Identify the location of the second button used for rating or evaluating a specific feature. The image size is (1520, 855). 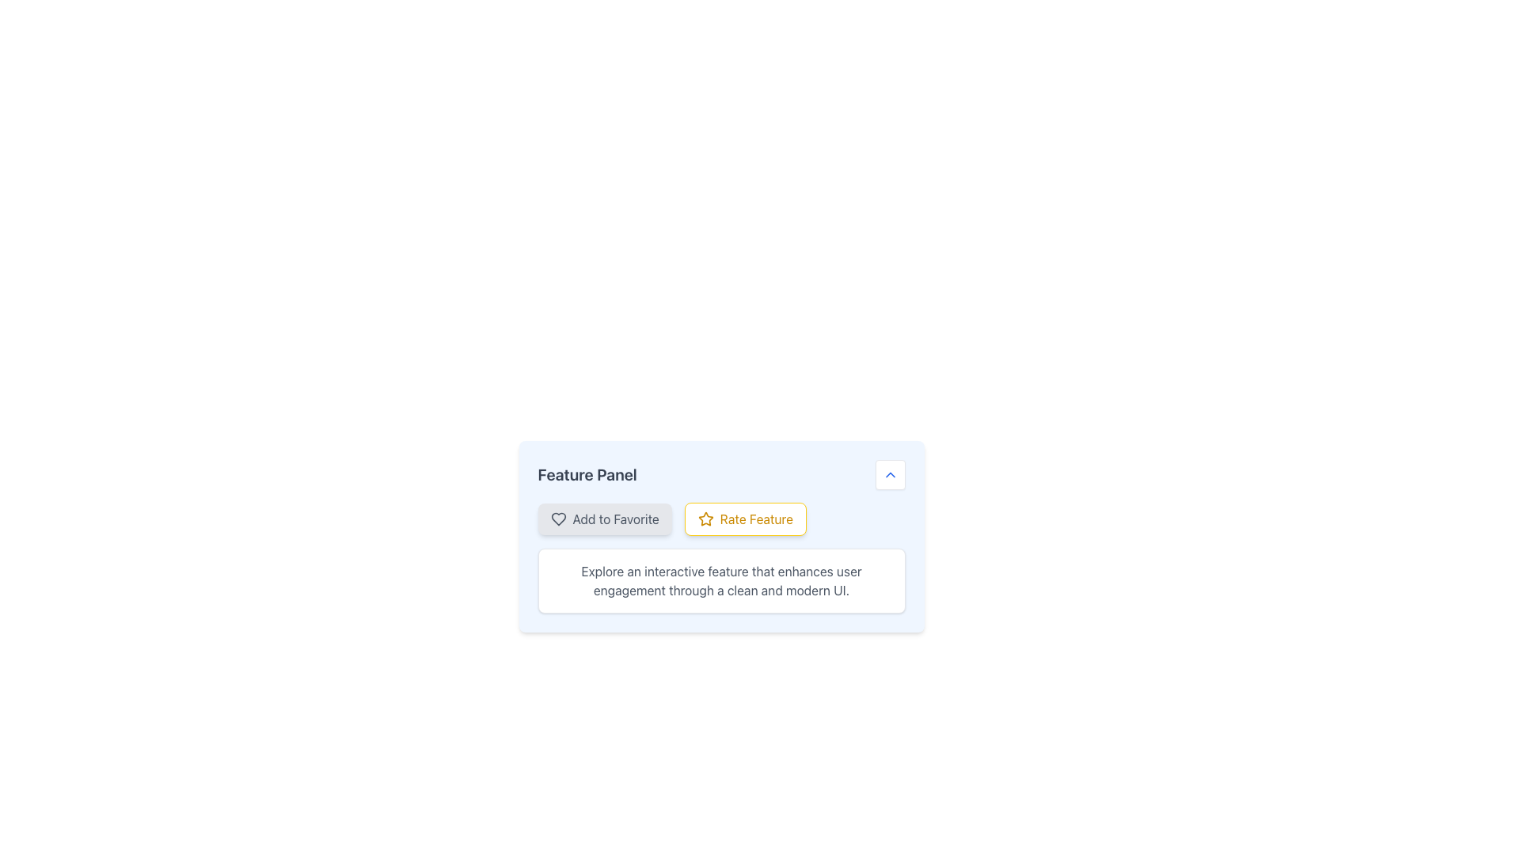
(720, 519).